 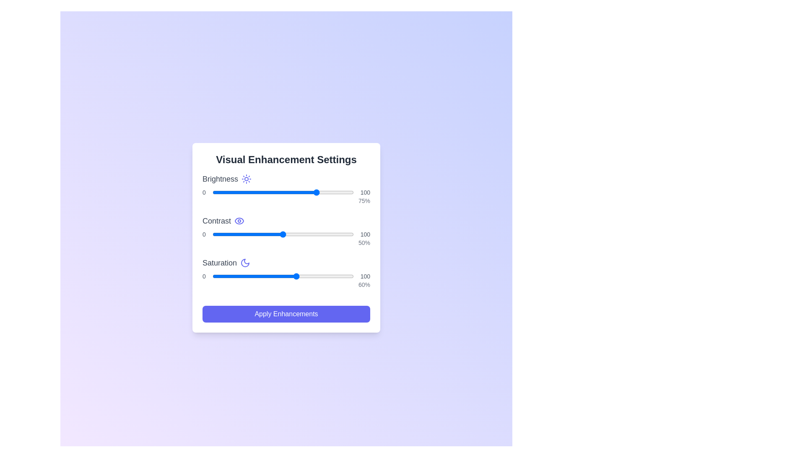 I want to click on the icon for saturation to display its tooltip, so click(x=245, y=263).